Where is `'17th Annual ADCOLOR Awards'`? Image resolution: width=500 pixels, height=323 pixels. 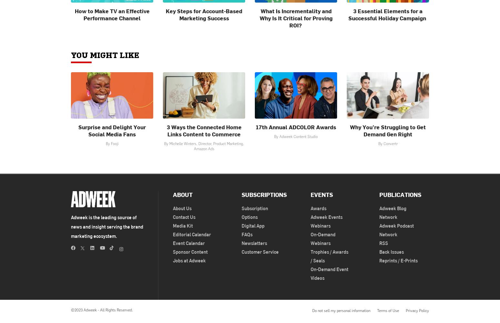 '17th Annual ADCOLOR Awards' is located at coordinates (255, 126).